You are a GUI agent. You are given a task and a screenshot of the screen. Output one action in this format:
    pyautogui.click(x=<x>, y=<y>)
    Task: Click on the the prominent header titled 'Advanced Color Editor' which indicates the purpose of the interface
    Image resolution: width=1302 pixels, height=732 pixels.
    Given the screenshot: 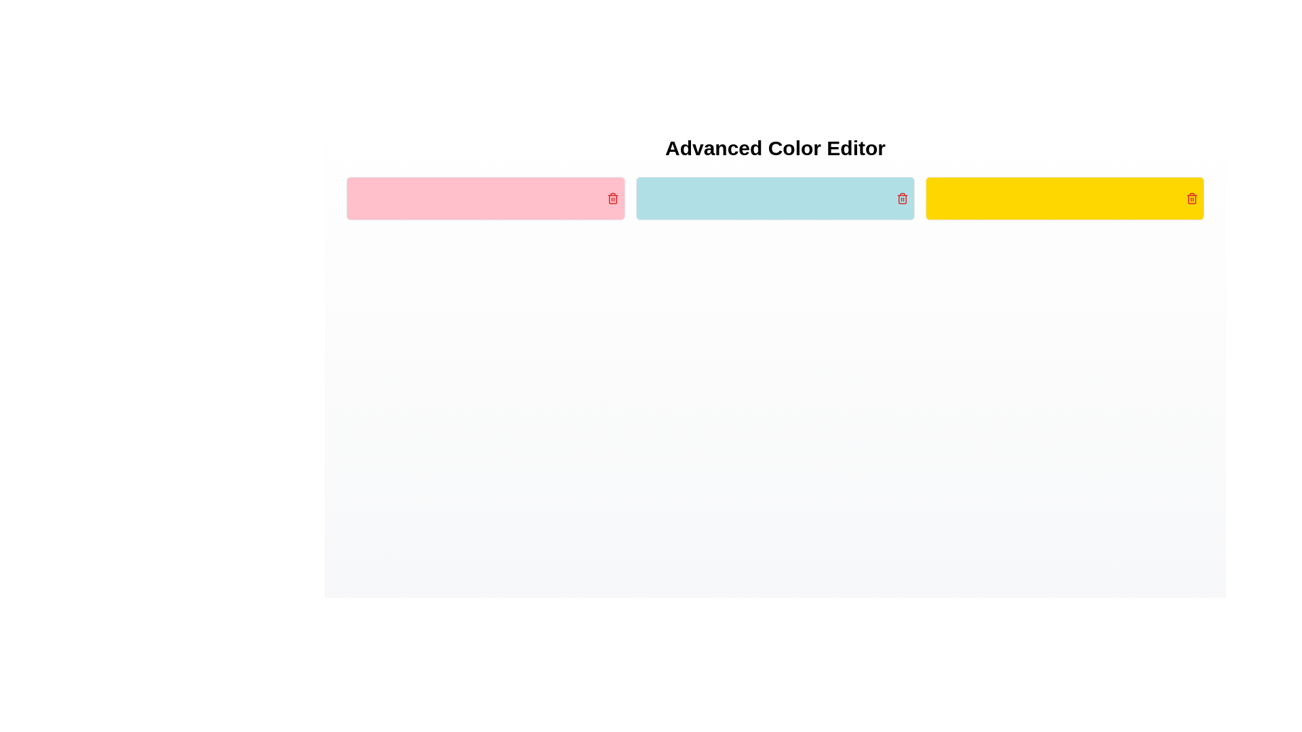 What is the action you would take?
    pyautogui.click(x=775, y=148)
    